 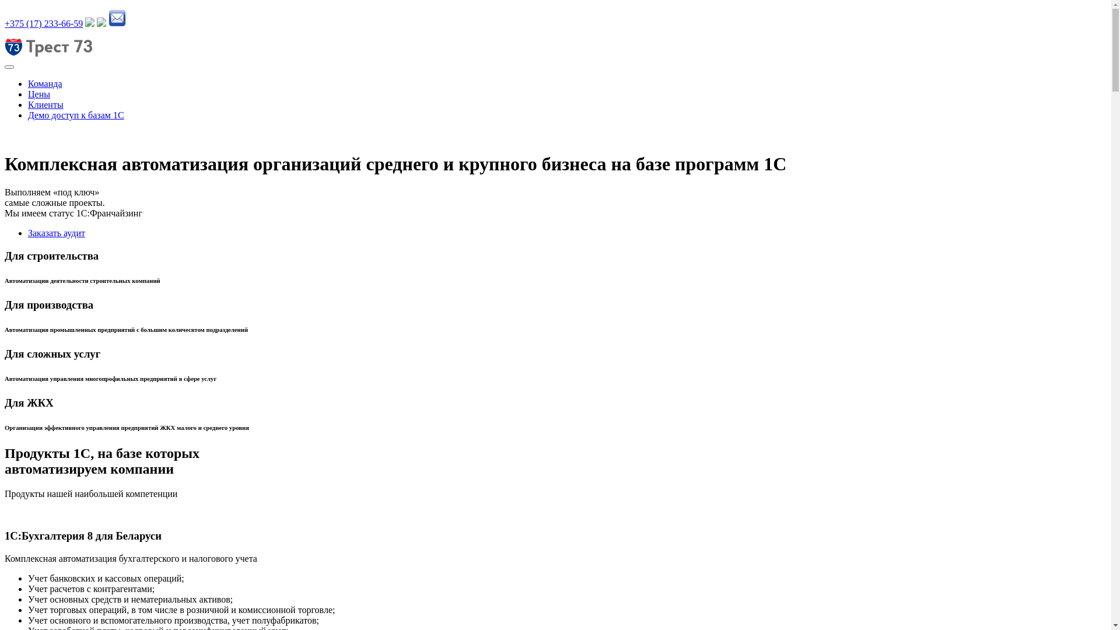 I want to click on '+375 (17) 233-66-59', so click(x=5, y=23).